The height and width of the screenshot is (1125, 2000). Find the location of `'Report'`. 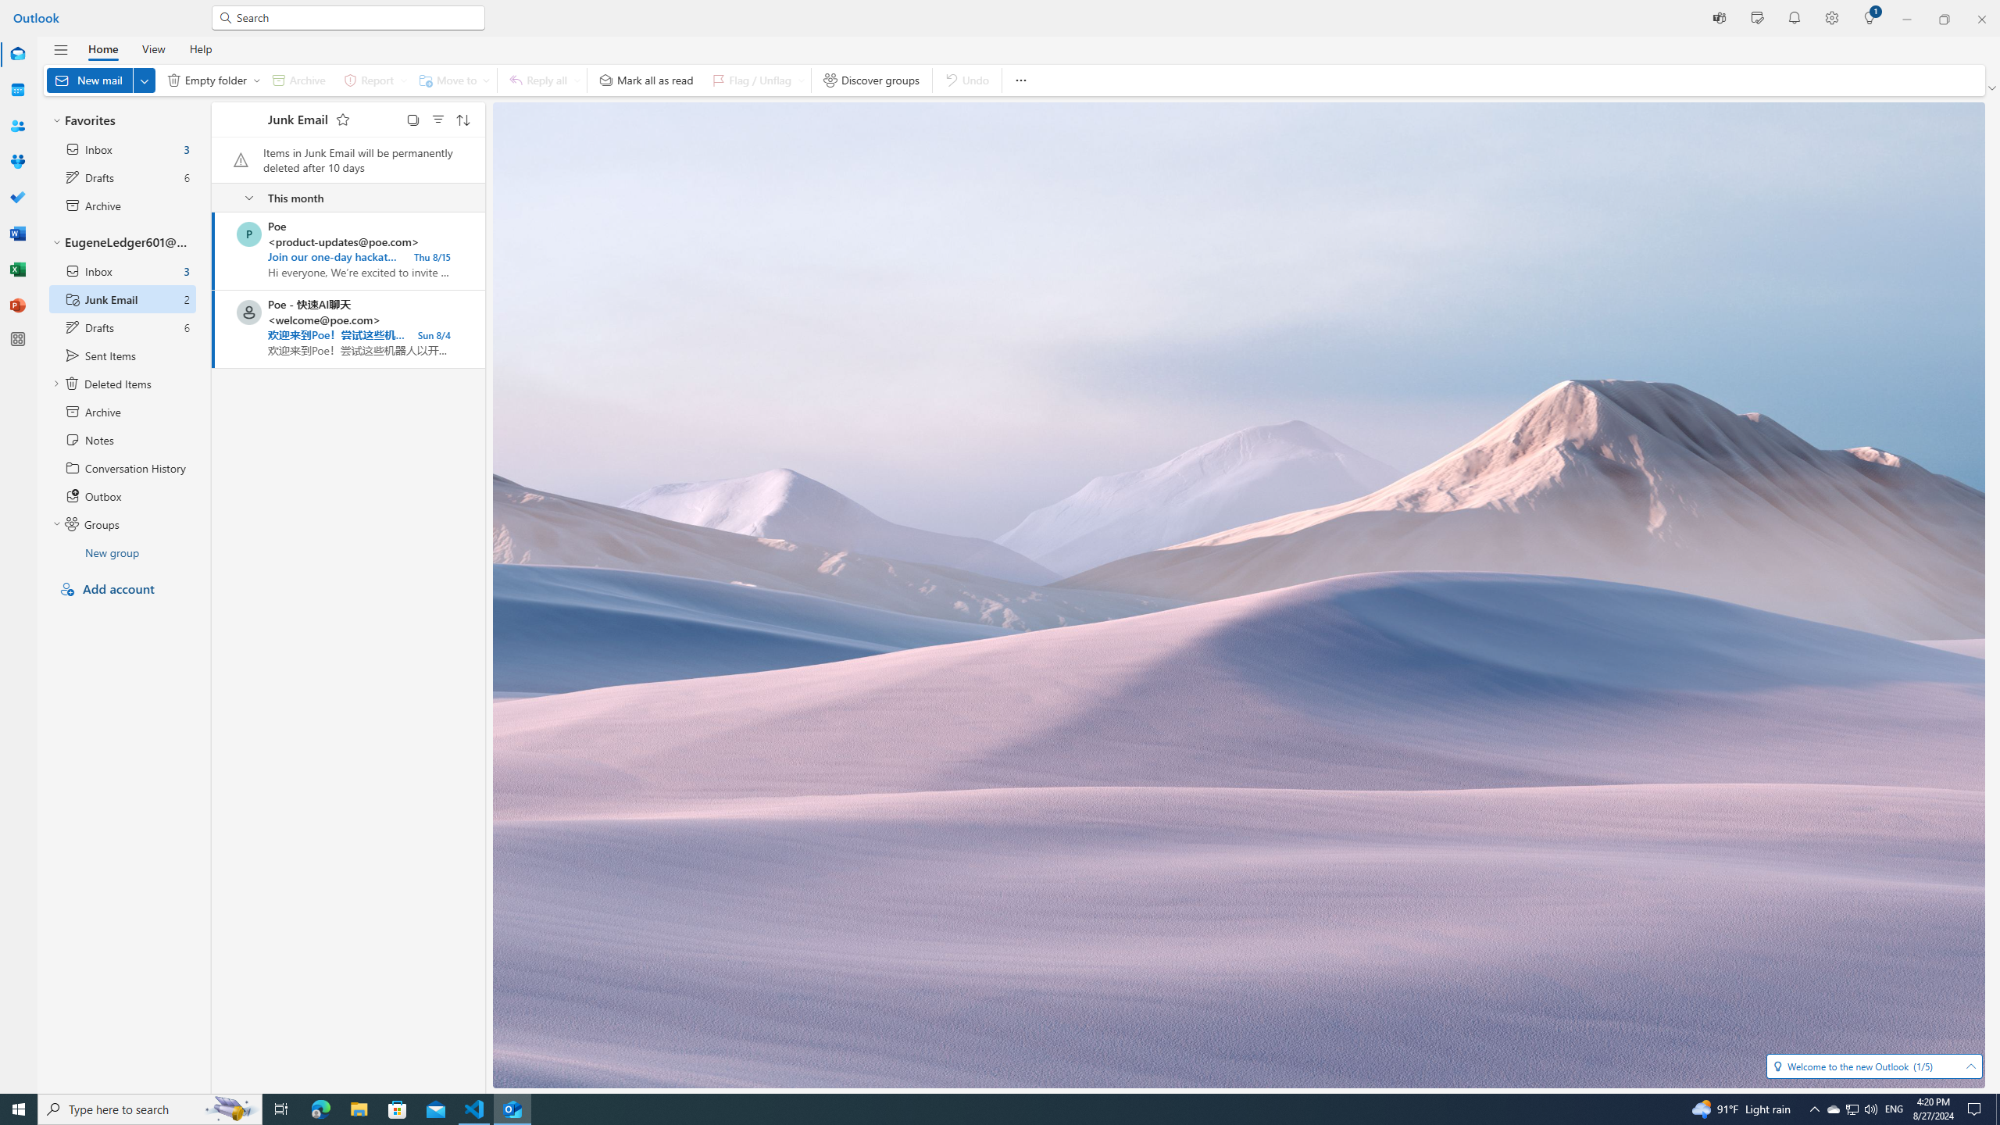

'Report' is located at coordinates (372, 80).